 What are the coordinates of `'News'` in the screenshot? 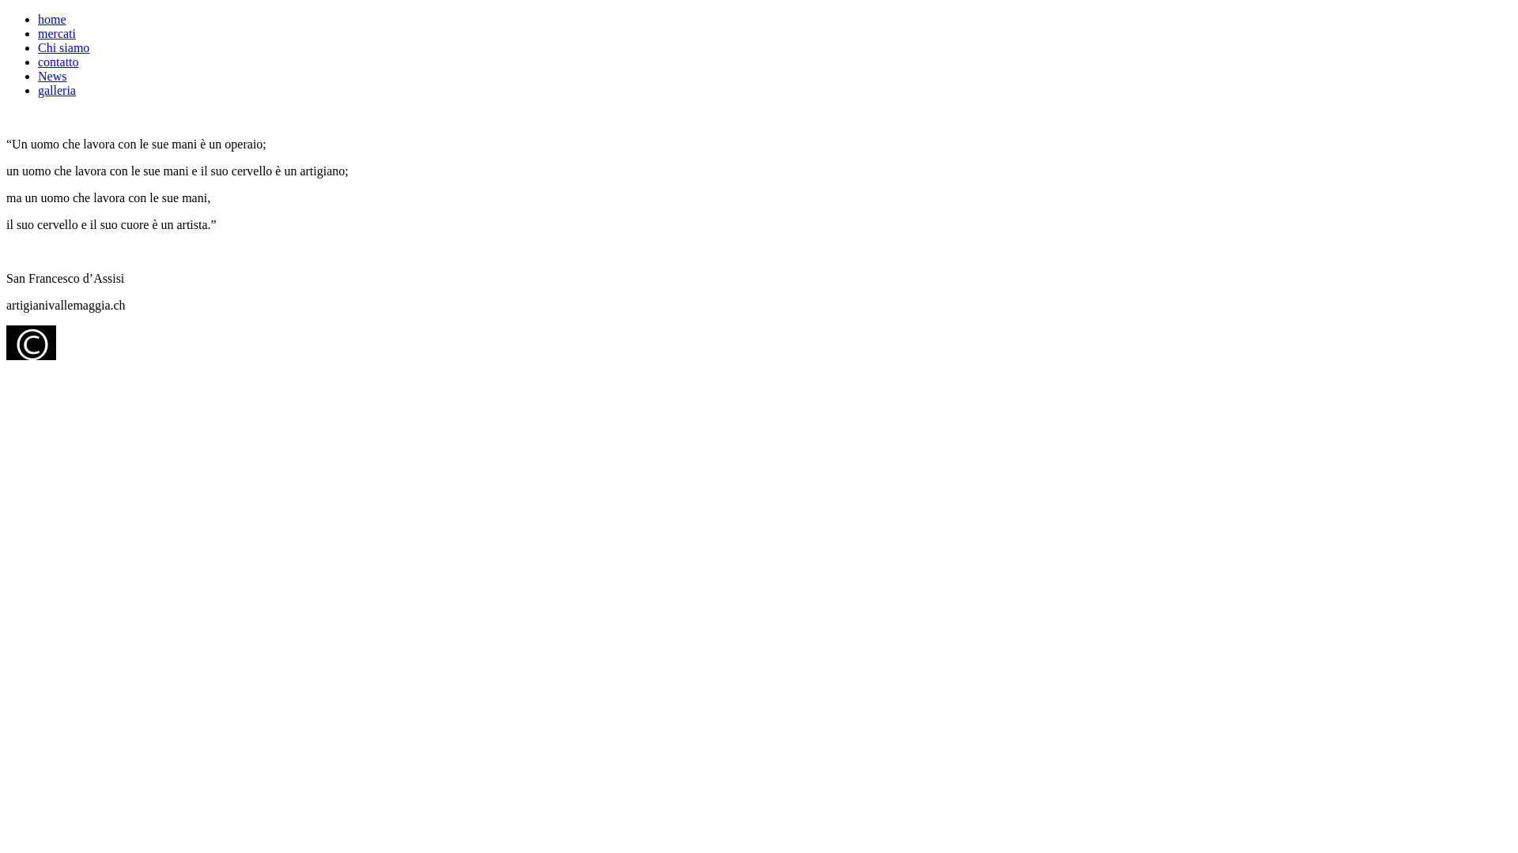 It's located at (52, 76).